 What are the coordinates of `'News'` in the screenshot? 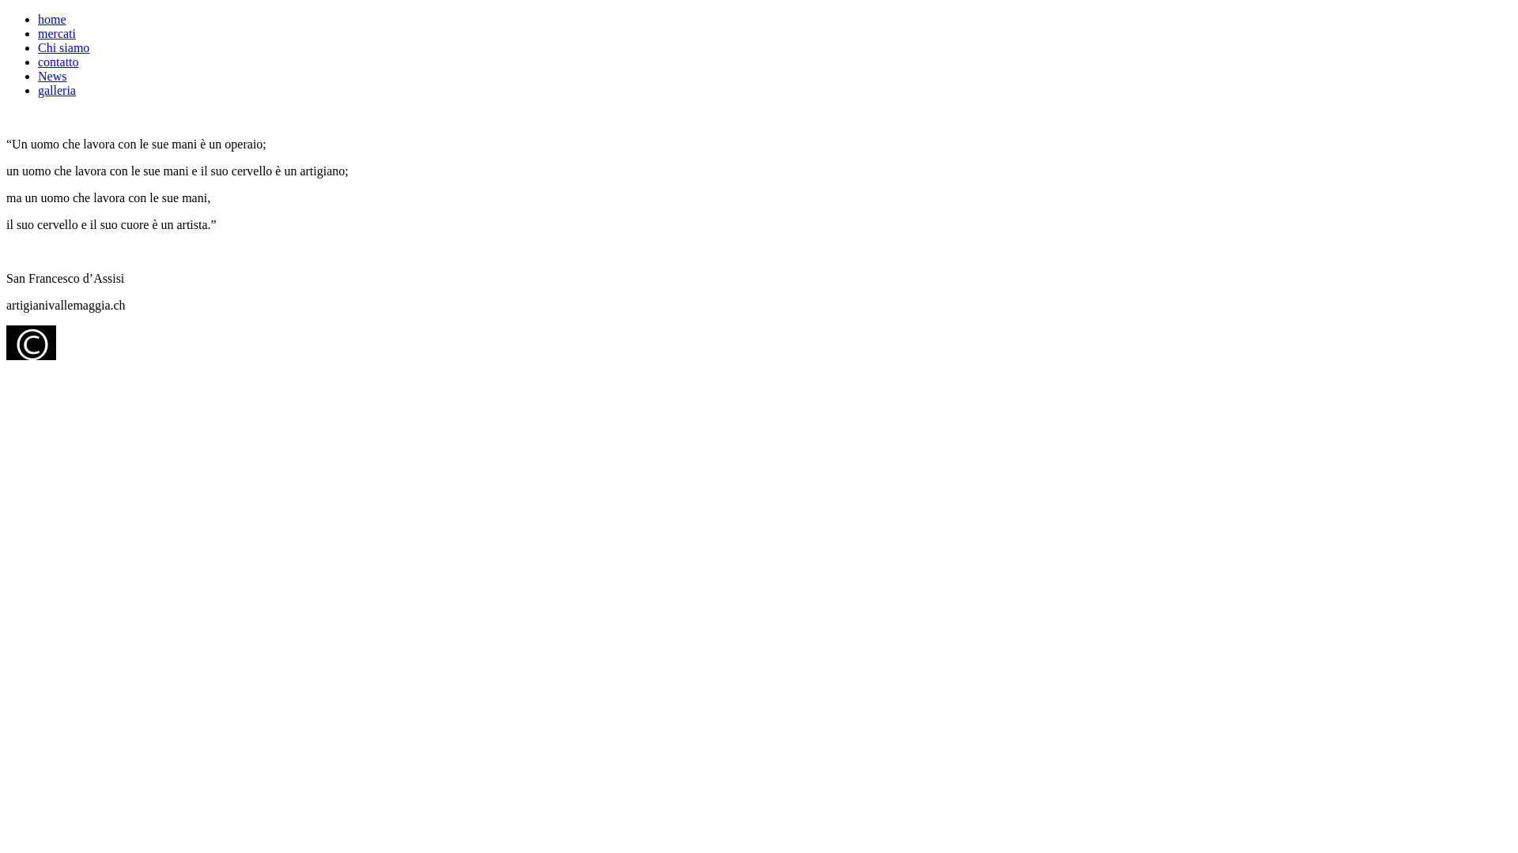 It's located at (52, 76).